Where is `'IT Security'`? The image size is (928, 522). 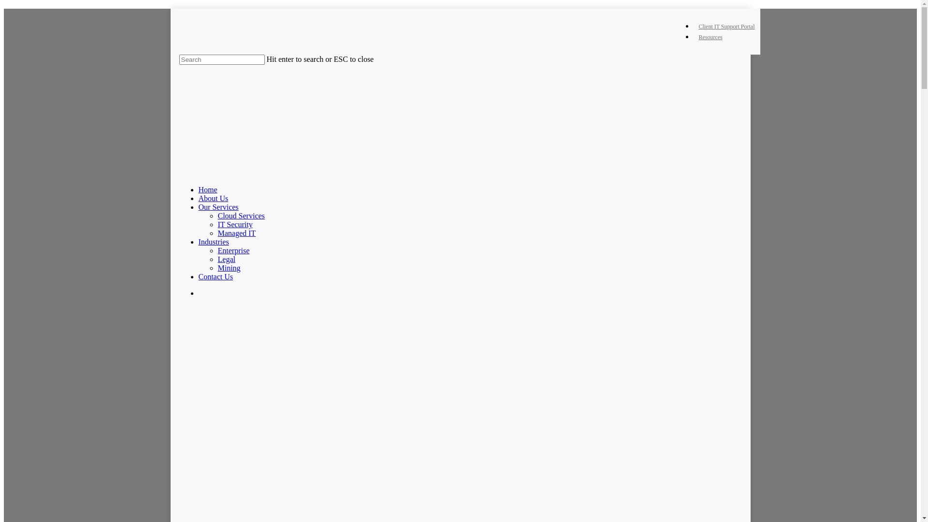
'IT Security' is located at coordinates (234, 224).